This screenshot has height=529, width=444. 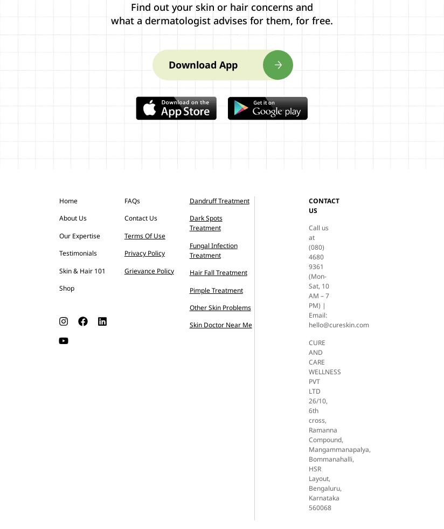 I want to click on 'CONTACT US', so click(x=324, y=205).